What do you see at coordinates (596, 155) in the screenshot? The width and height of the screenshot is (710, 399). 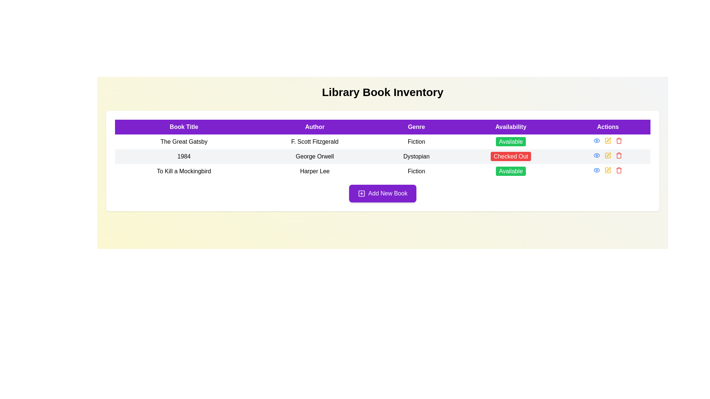 I see `the view icon button located in the 'Actions' column of the second row of the table` at bounding box center [596, 155].